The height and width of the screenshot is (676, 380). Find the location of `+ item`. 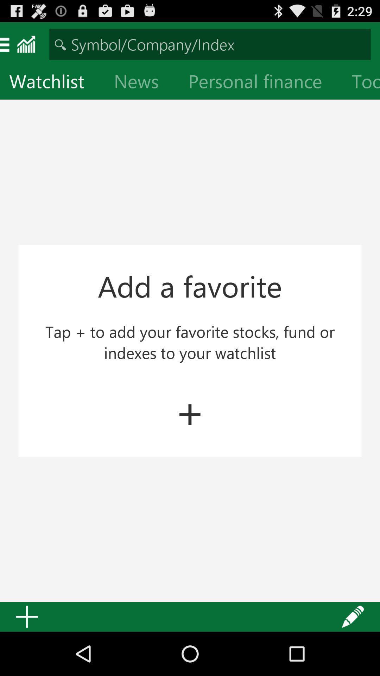

+ item is located at coordinates (190, 411).